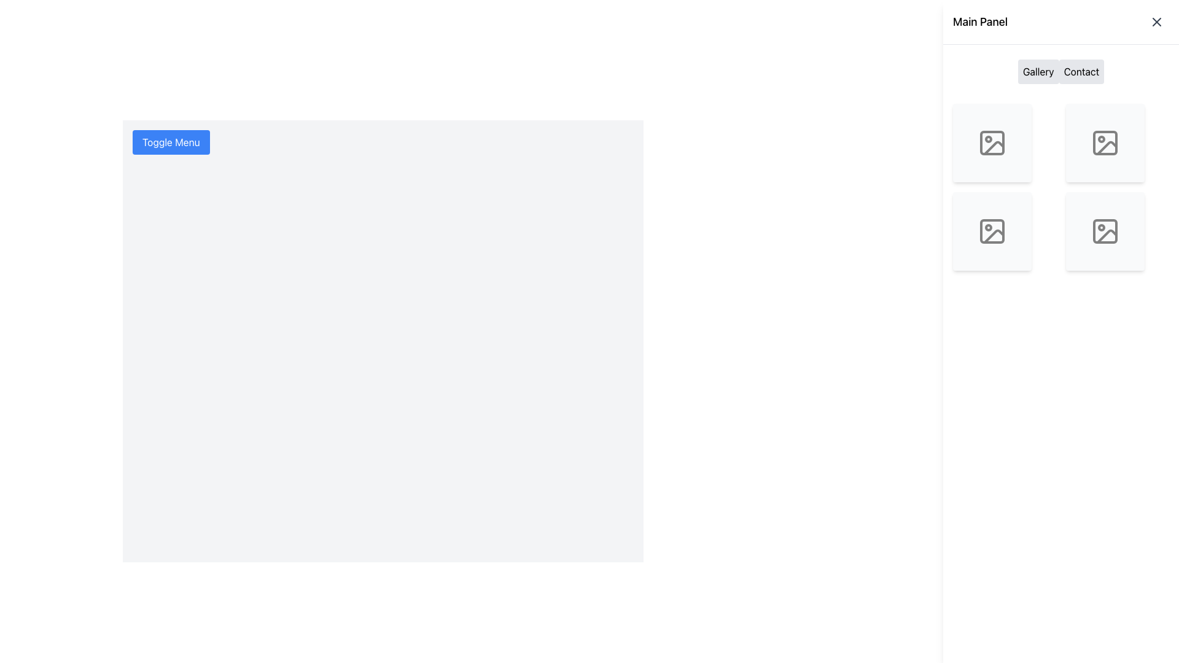 The height and width of the screenshot is (663, 1179). Describe the element at coordinates (1105, 142) in the screenshot. I see `the image or gallery icon located in the second column of the top row within a 2x2 grid in the center-right section of the 'Main Panel'` at that location.